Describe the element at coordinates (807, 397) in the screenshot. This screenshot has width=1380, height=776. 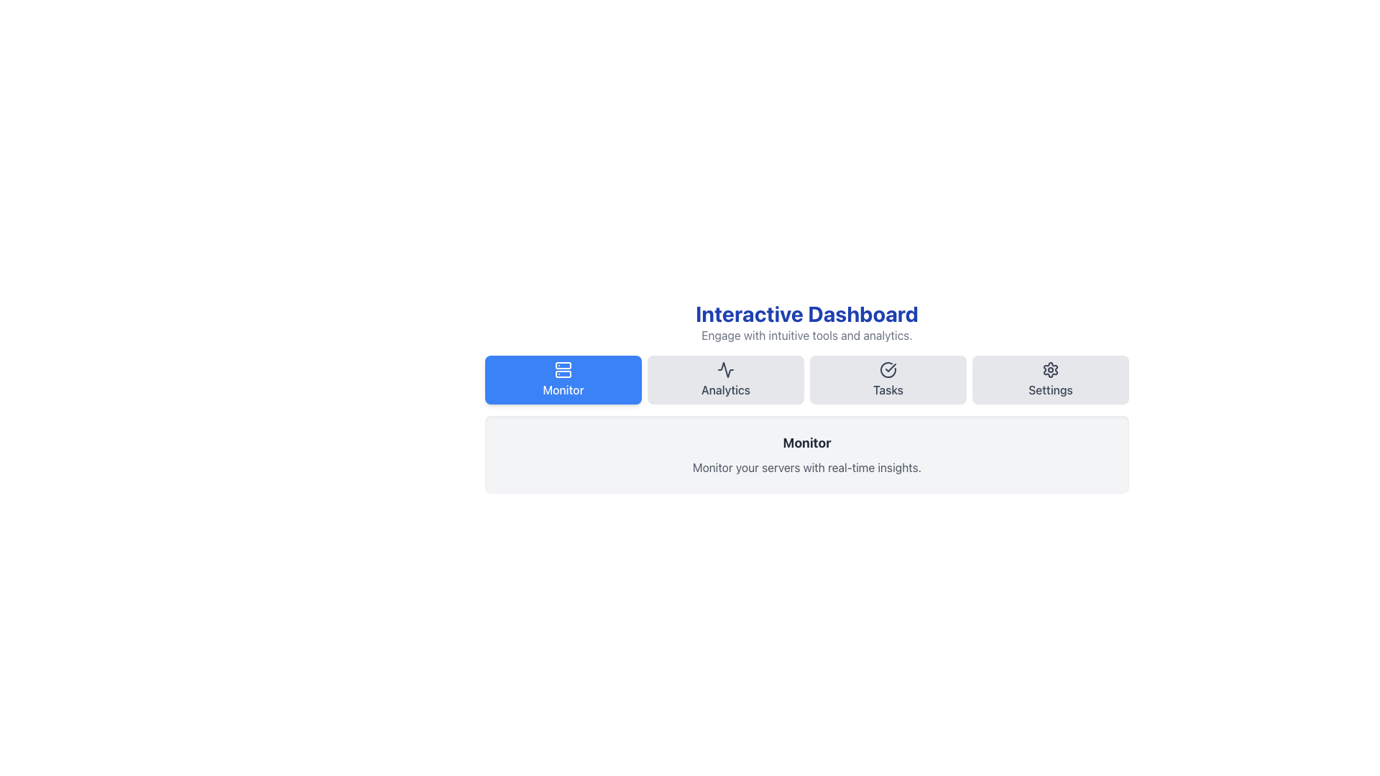
I see `the title 'Interactive Dashboard'` at that location.